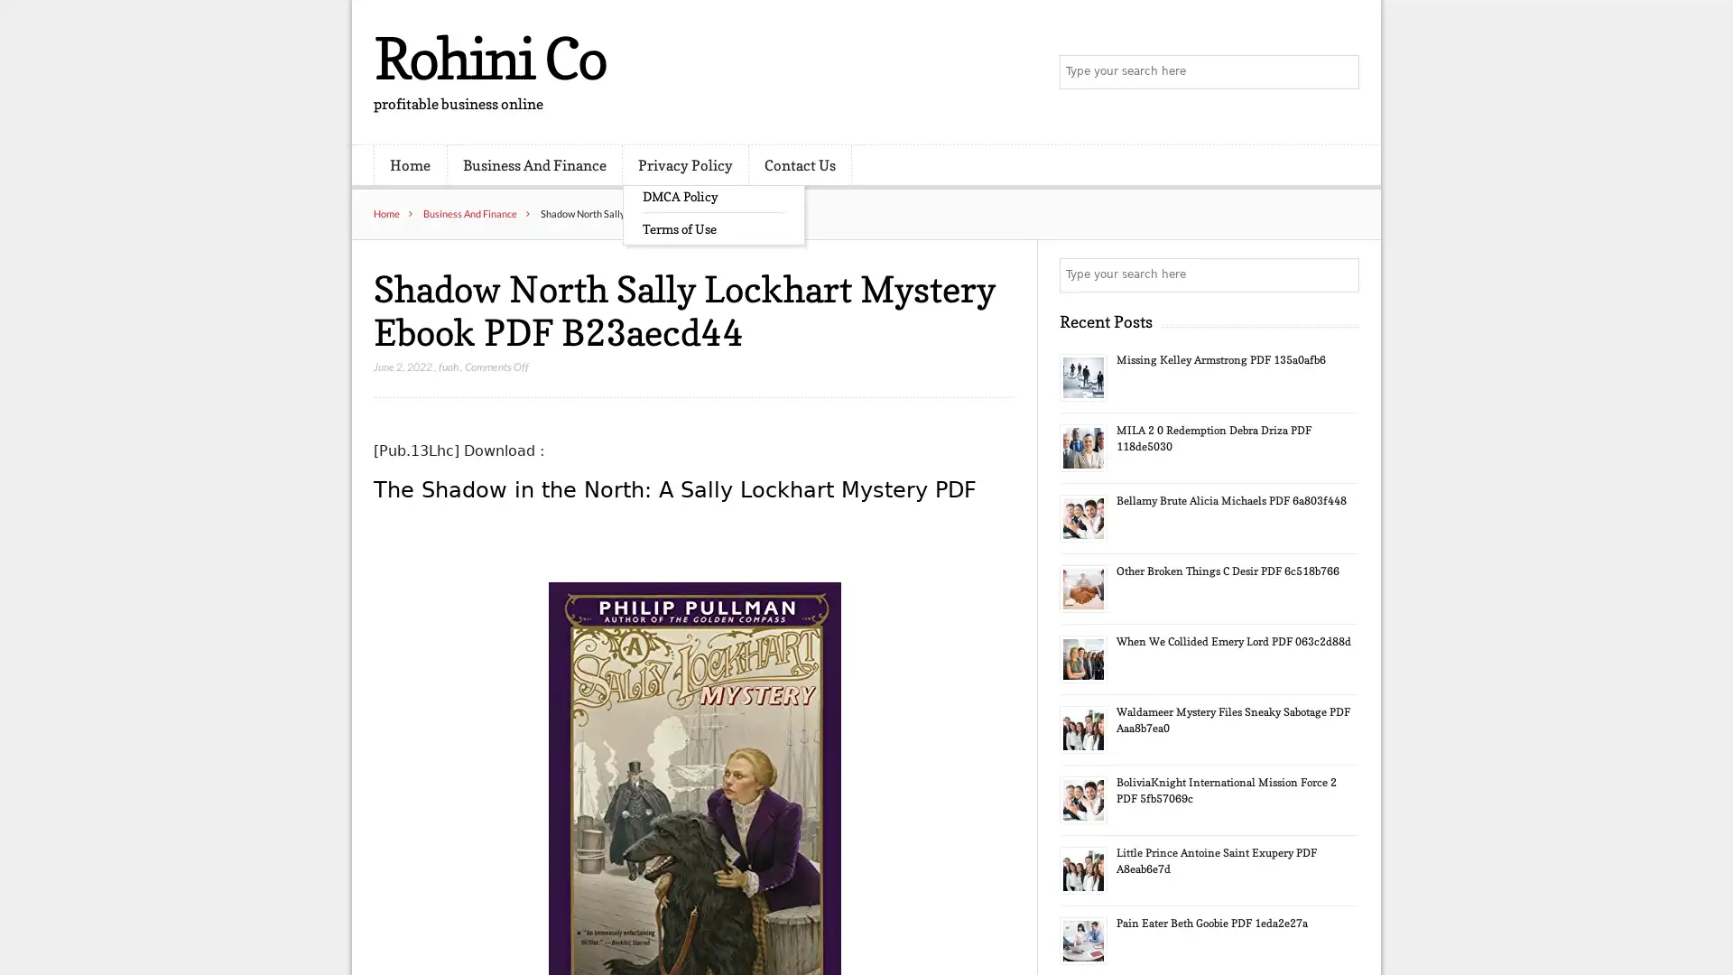  What do you see at coordinates (1340, 72) in the screenshot?
I see `Search` at bounding box center [1340, 72].